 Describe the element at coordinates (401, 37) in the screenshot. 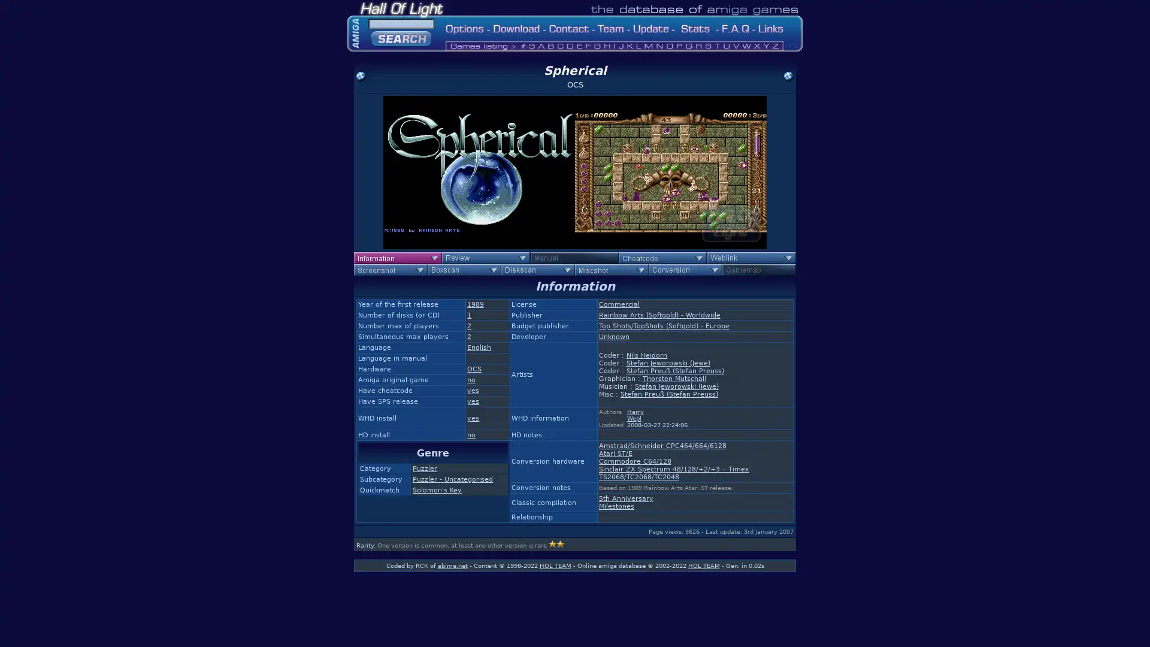

I see `Submit` at that location.